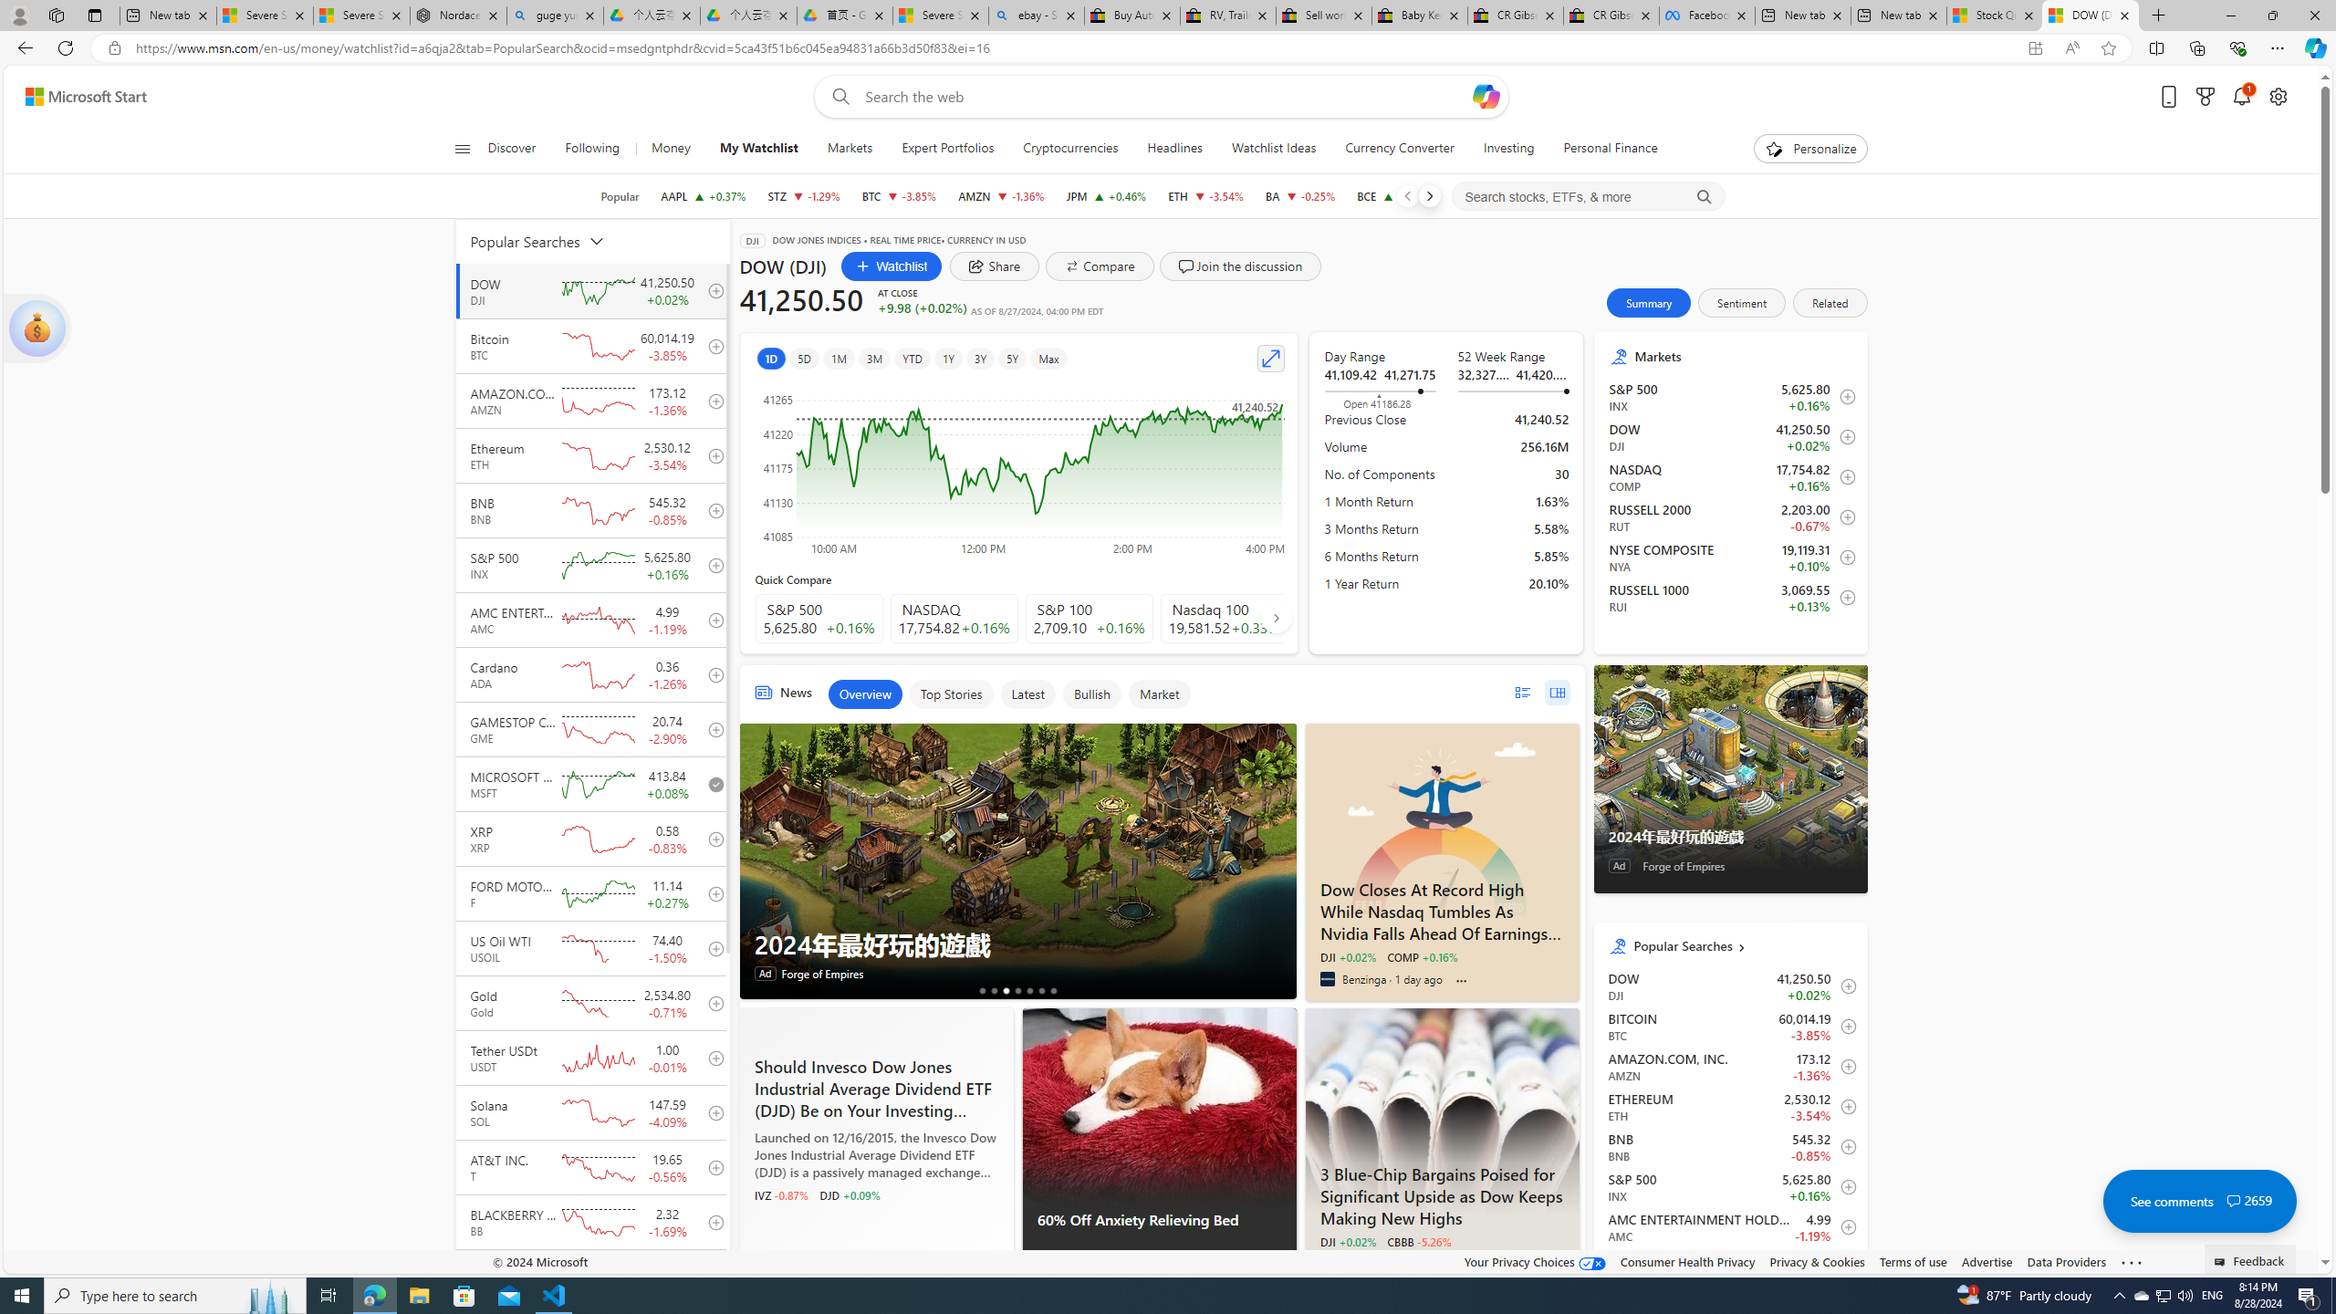 This screenshot has width=2336, height=1314. I want to click on 'Privacy & Cookies', so click(1815, 1261).